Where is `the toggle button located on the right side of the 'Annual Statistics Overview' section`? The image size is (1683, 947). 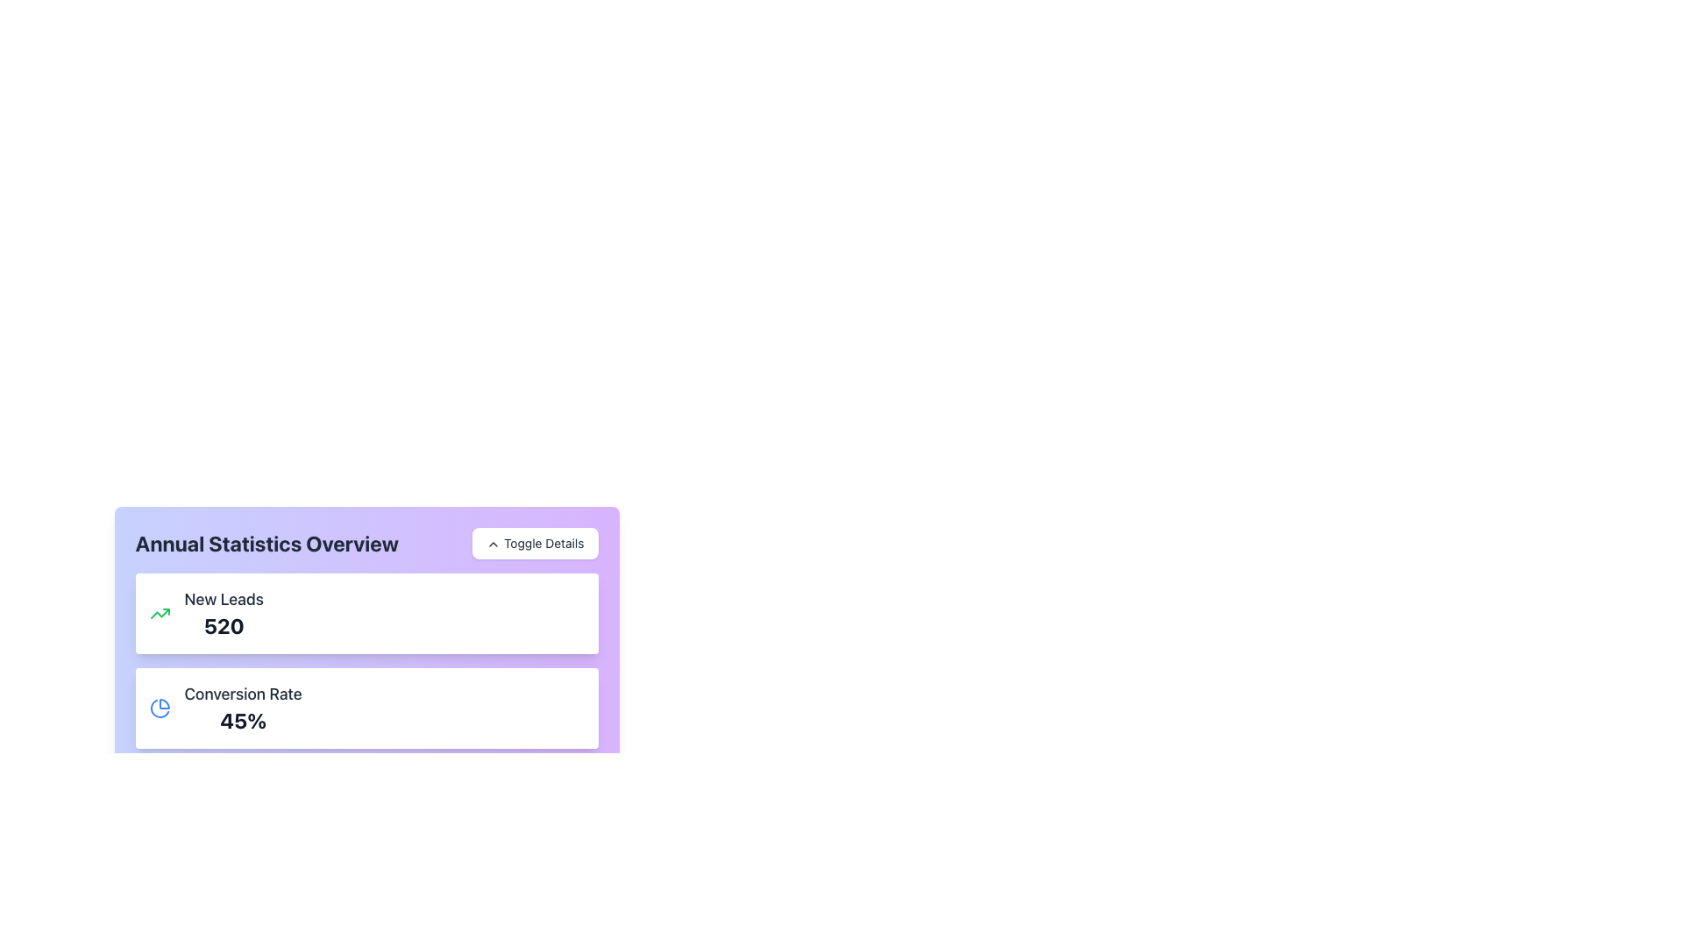 the toggle button located on the right side of the 'Annual Statistics Overview' section is located at coordinates (534, 543).